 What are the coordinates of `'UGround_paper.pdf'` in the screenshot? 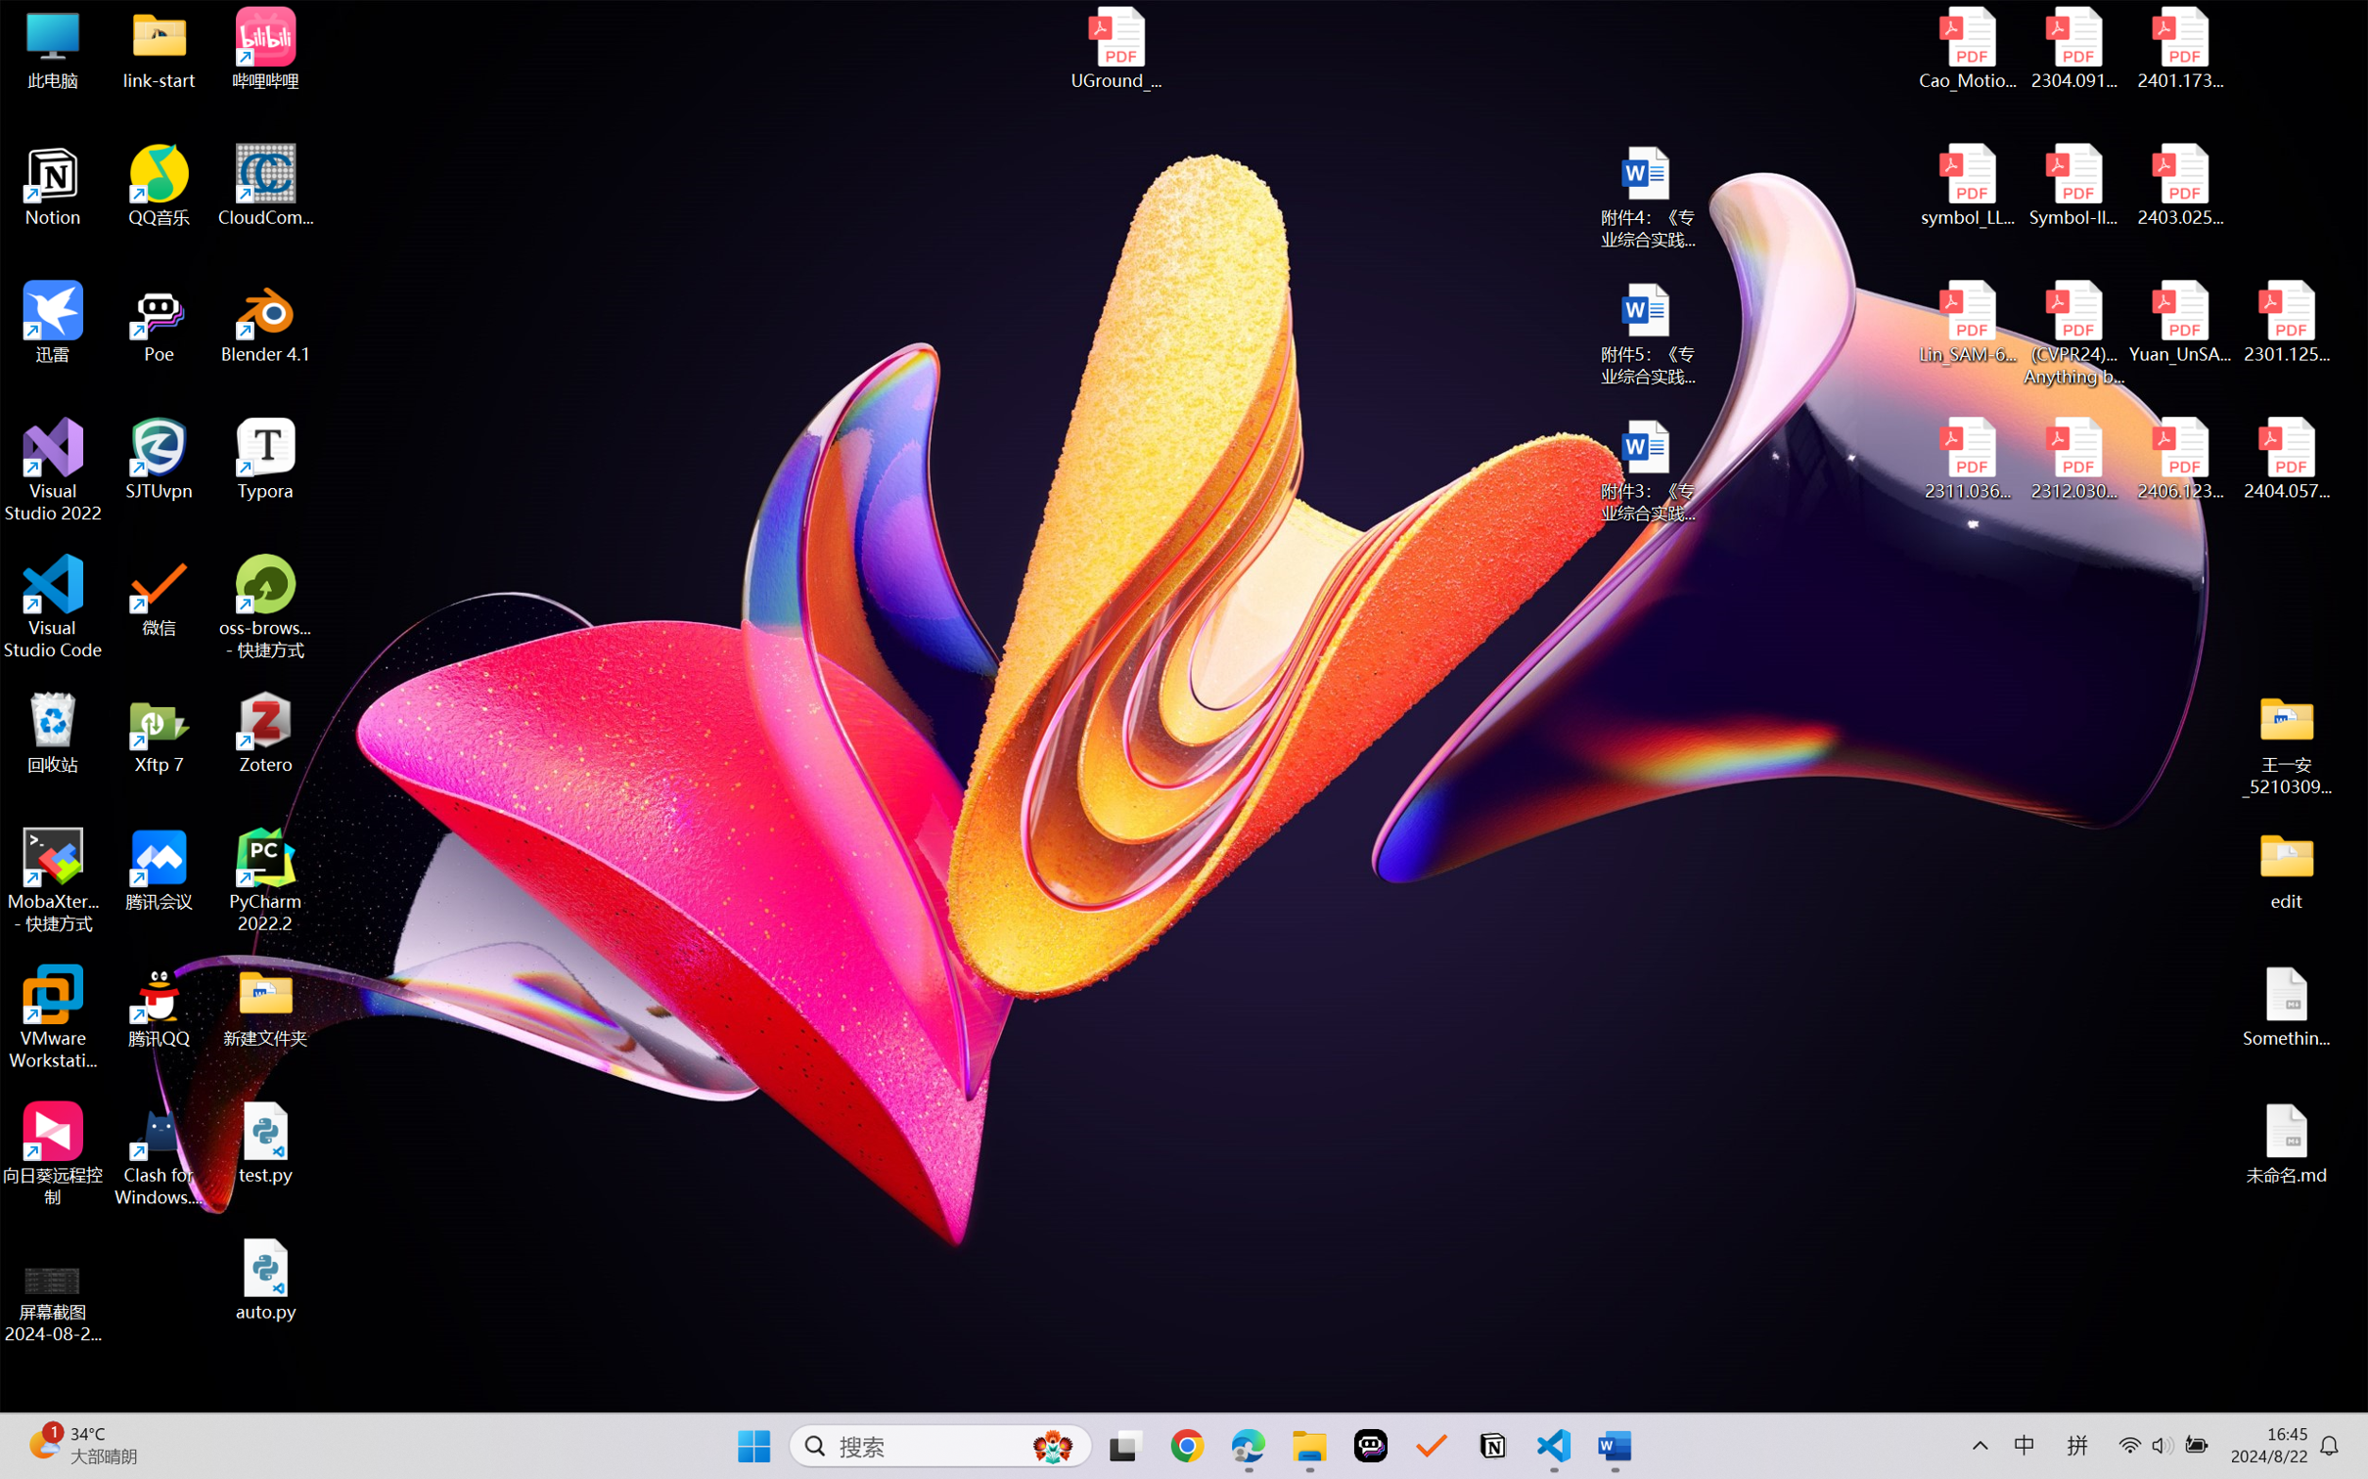 It's located at (1116, 48).